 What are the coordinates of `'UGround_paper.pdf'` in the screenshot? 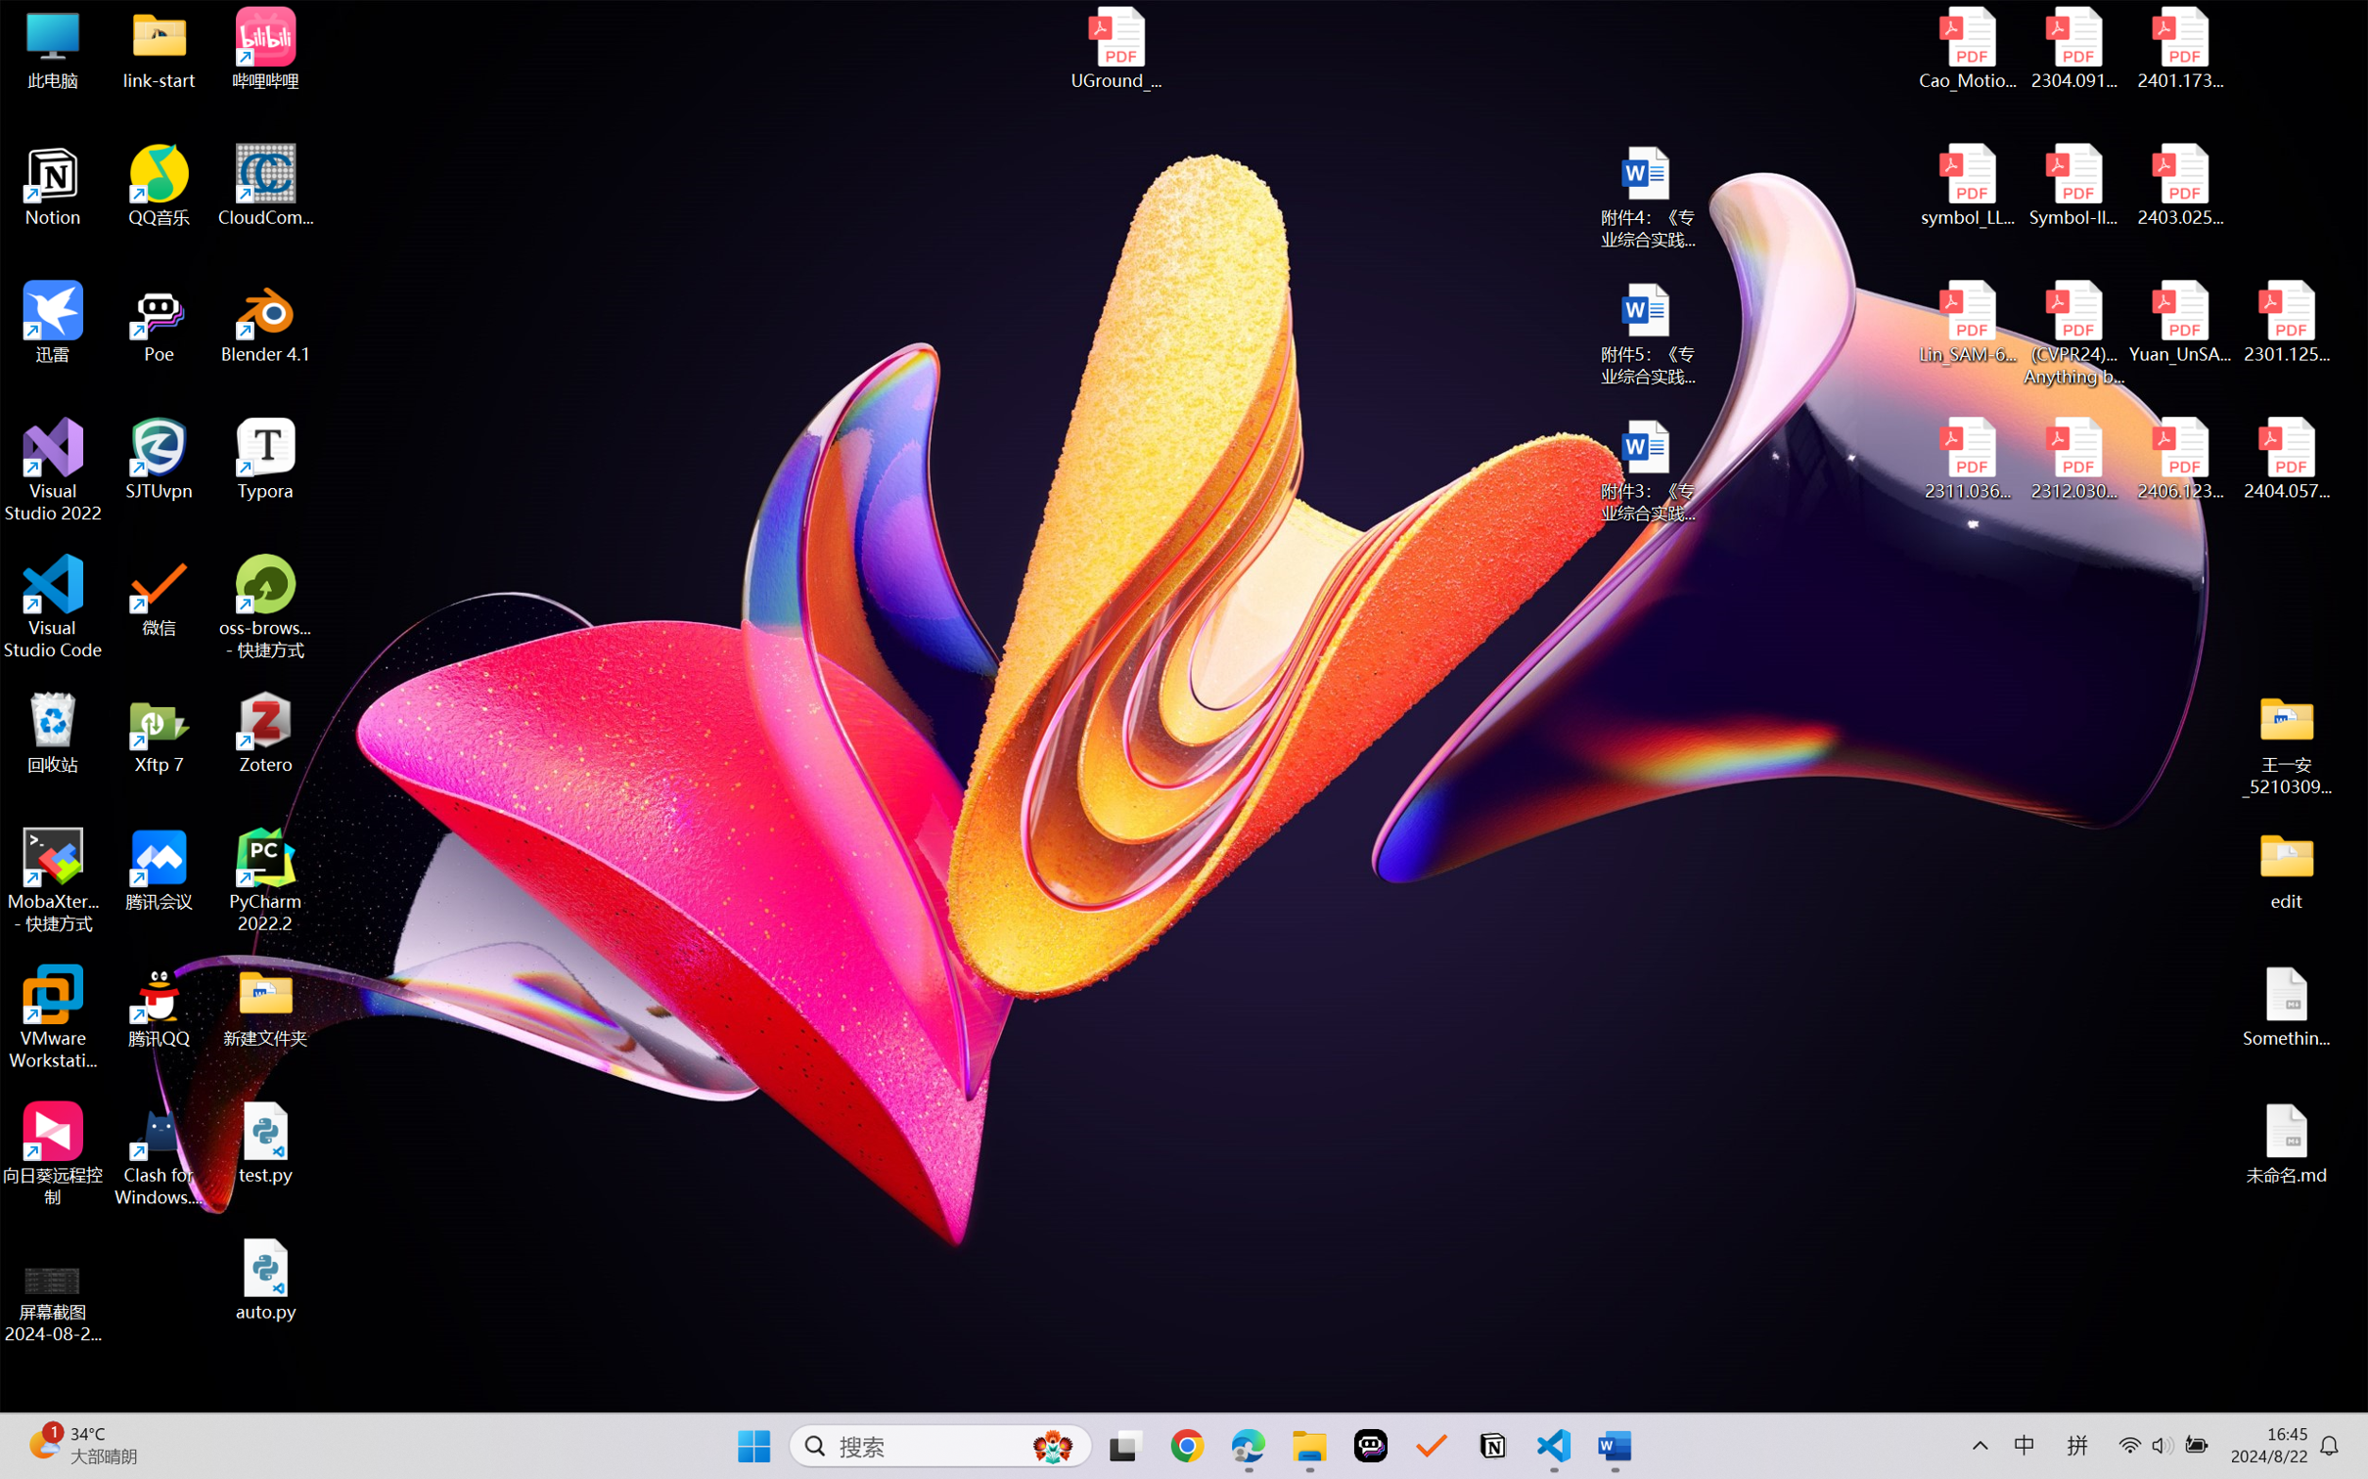 It's located at (1116, 48).